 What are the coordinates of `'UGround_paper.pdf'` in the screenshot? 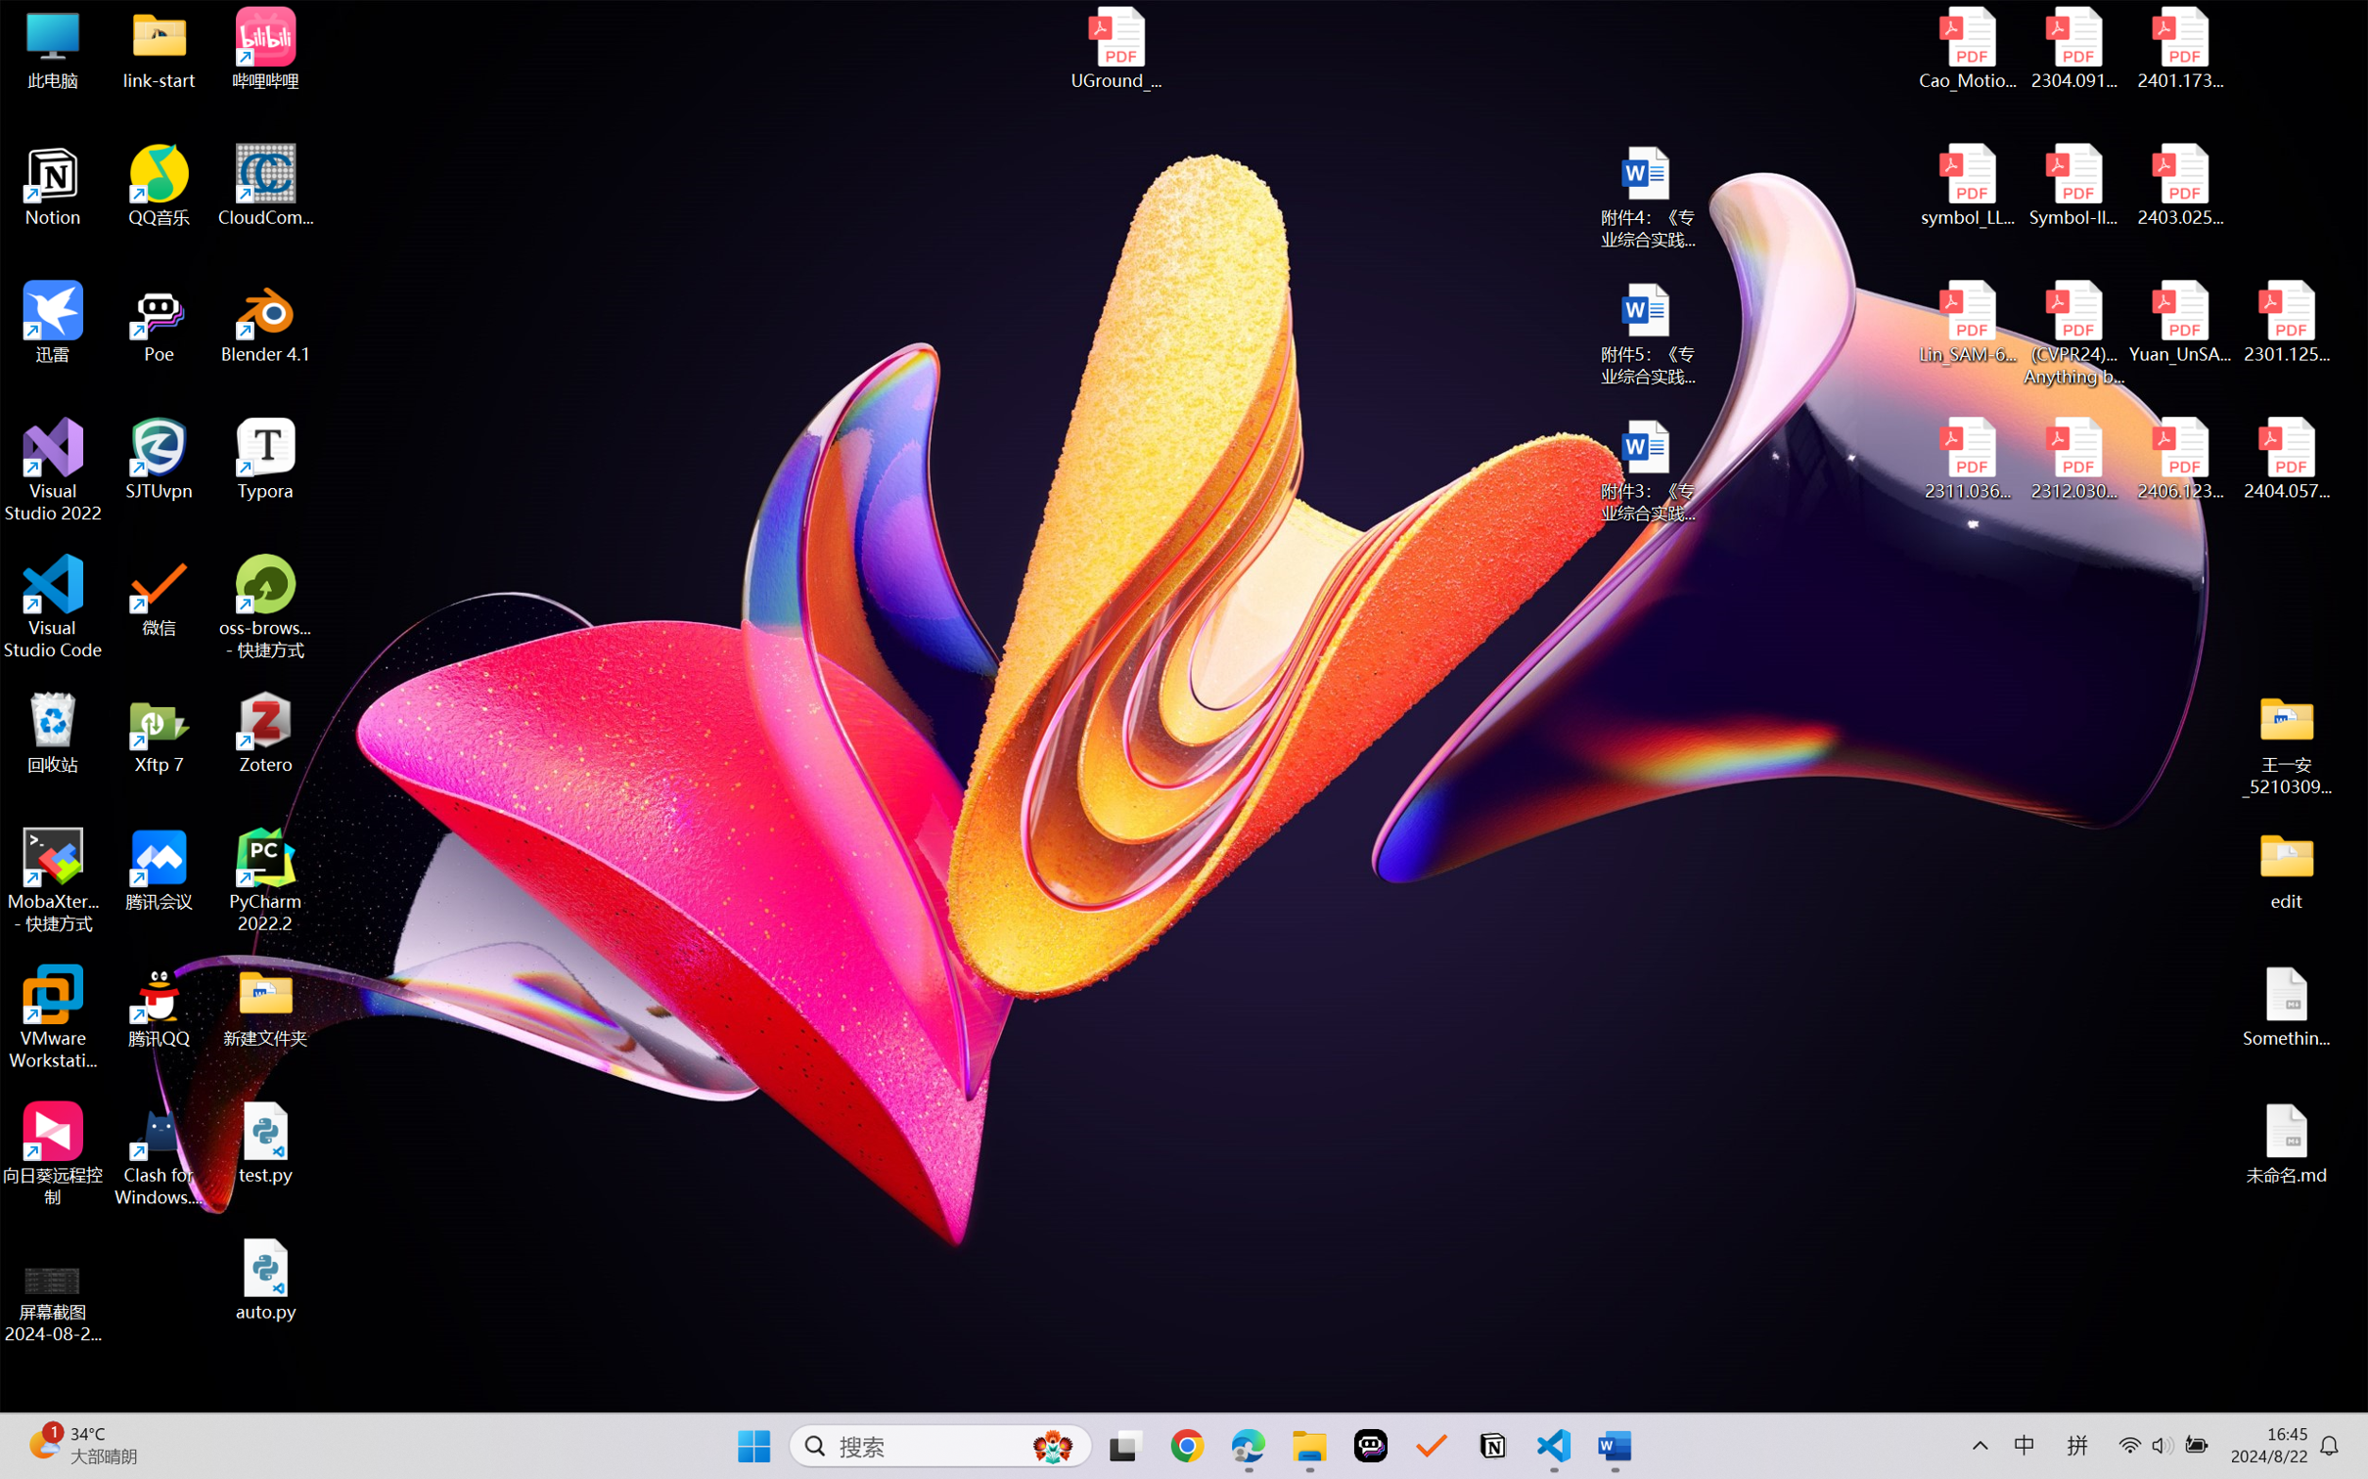 It's located at (1116, 48).